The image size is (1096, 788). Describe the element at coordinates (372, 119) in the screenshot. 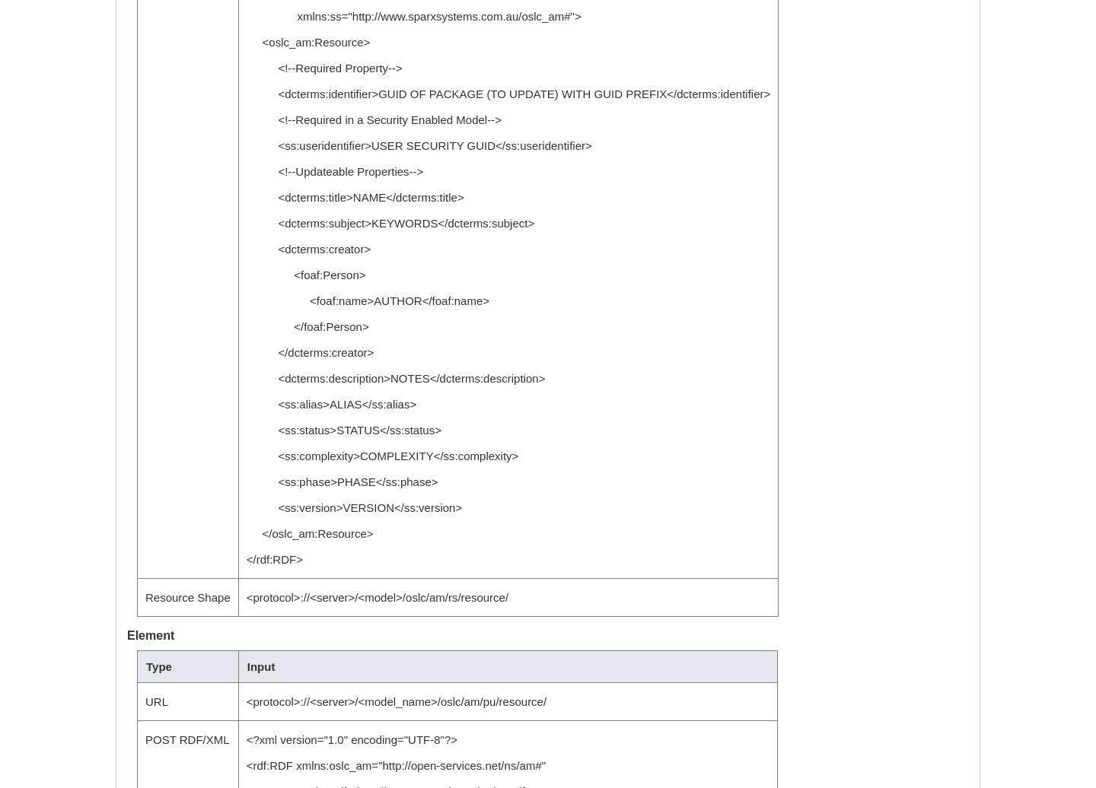

I see `'<!--Required in a Security Enabled Model-->'` at that location.